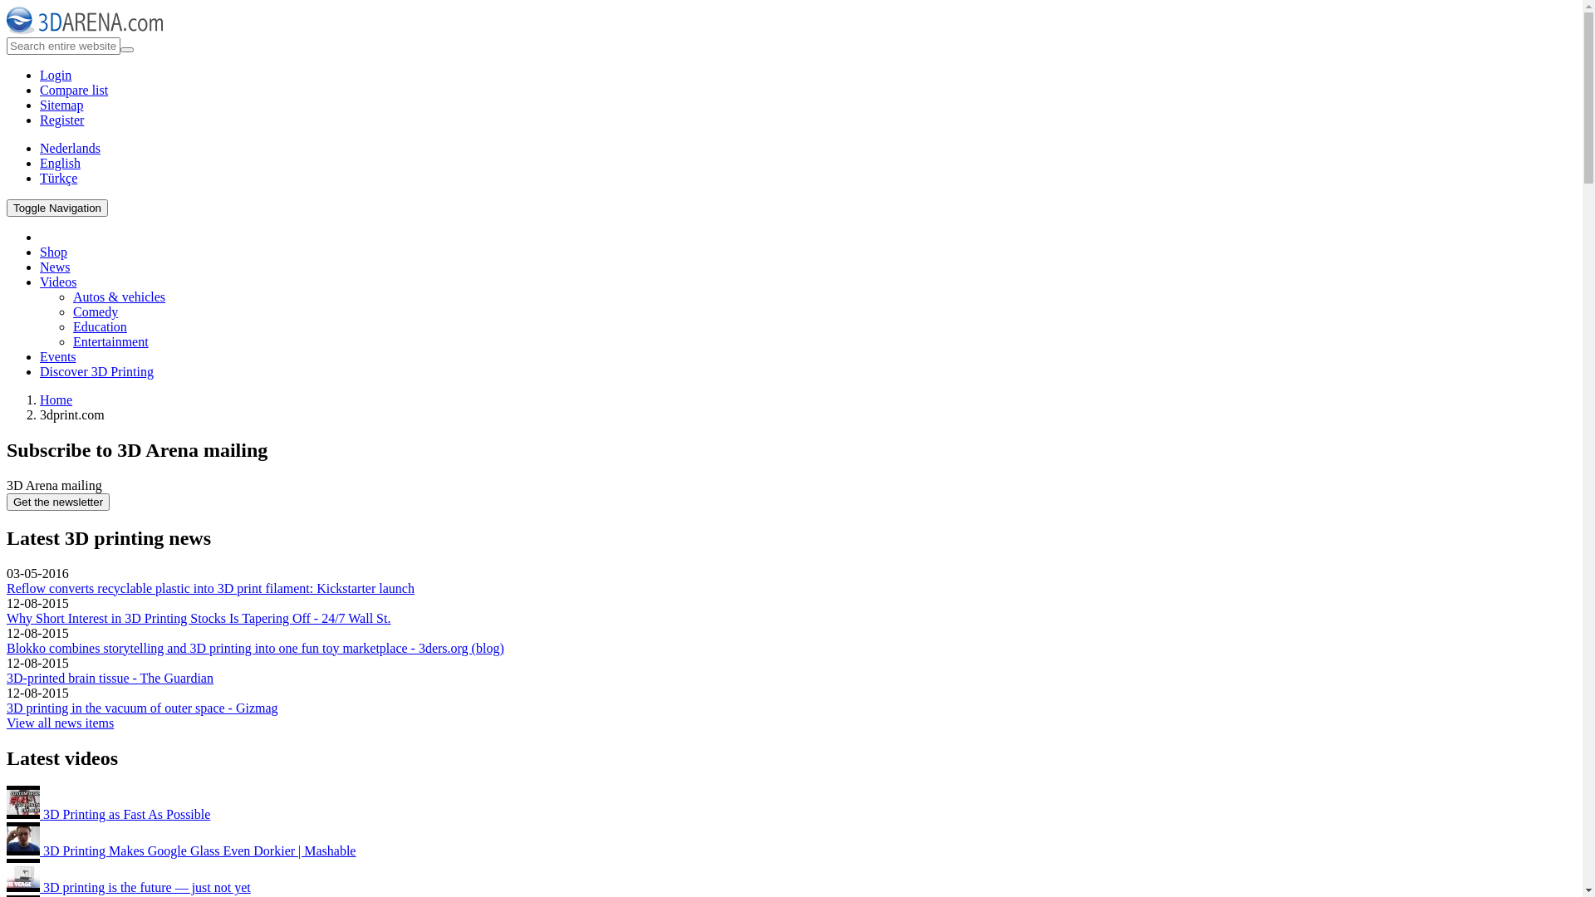 The image size is (1595, 897). I want to click on 'Events', so click(58, 355).